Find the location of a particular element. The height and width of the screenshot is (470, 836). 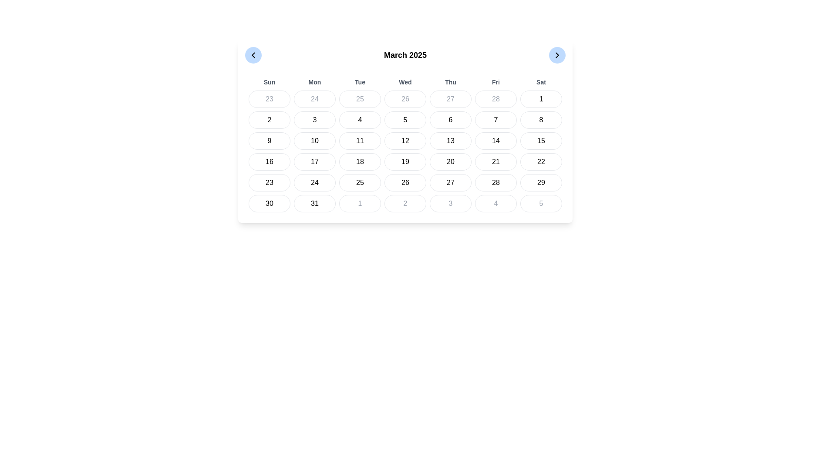

the button representing March 5, 2025 is located at coordinates (405, 120).